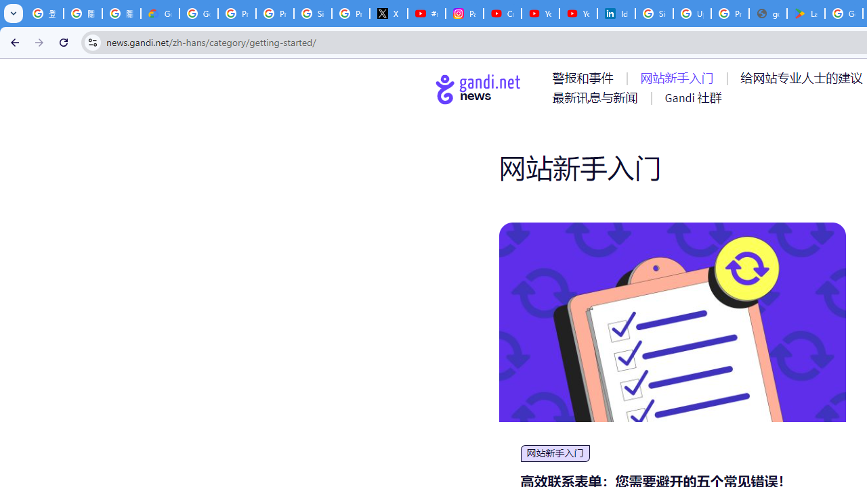 The image size is (867, 487). I want to click on 'AutomationID: menu-item-77767', so click(693, 97).